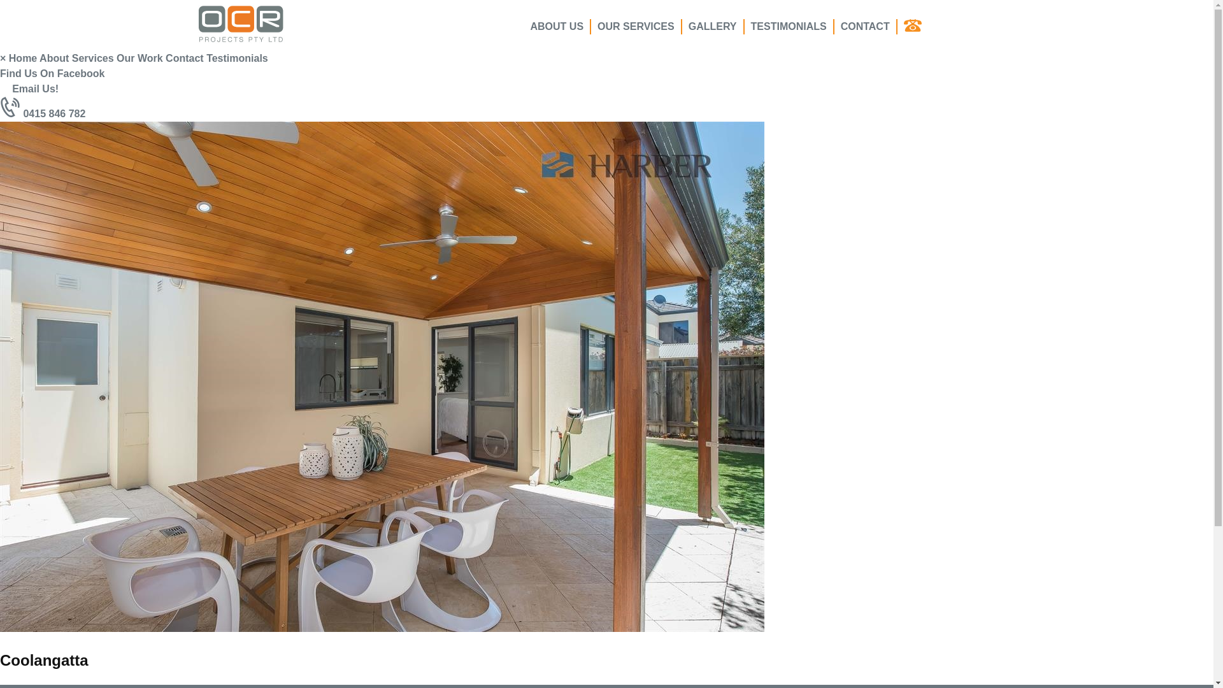 The width and height of the screenshot is (1223, 688). Describe the element at coordinates (51, 73) in the screenshot. I see `'Find Us On Facebook'` at that location.